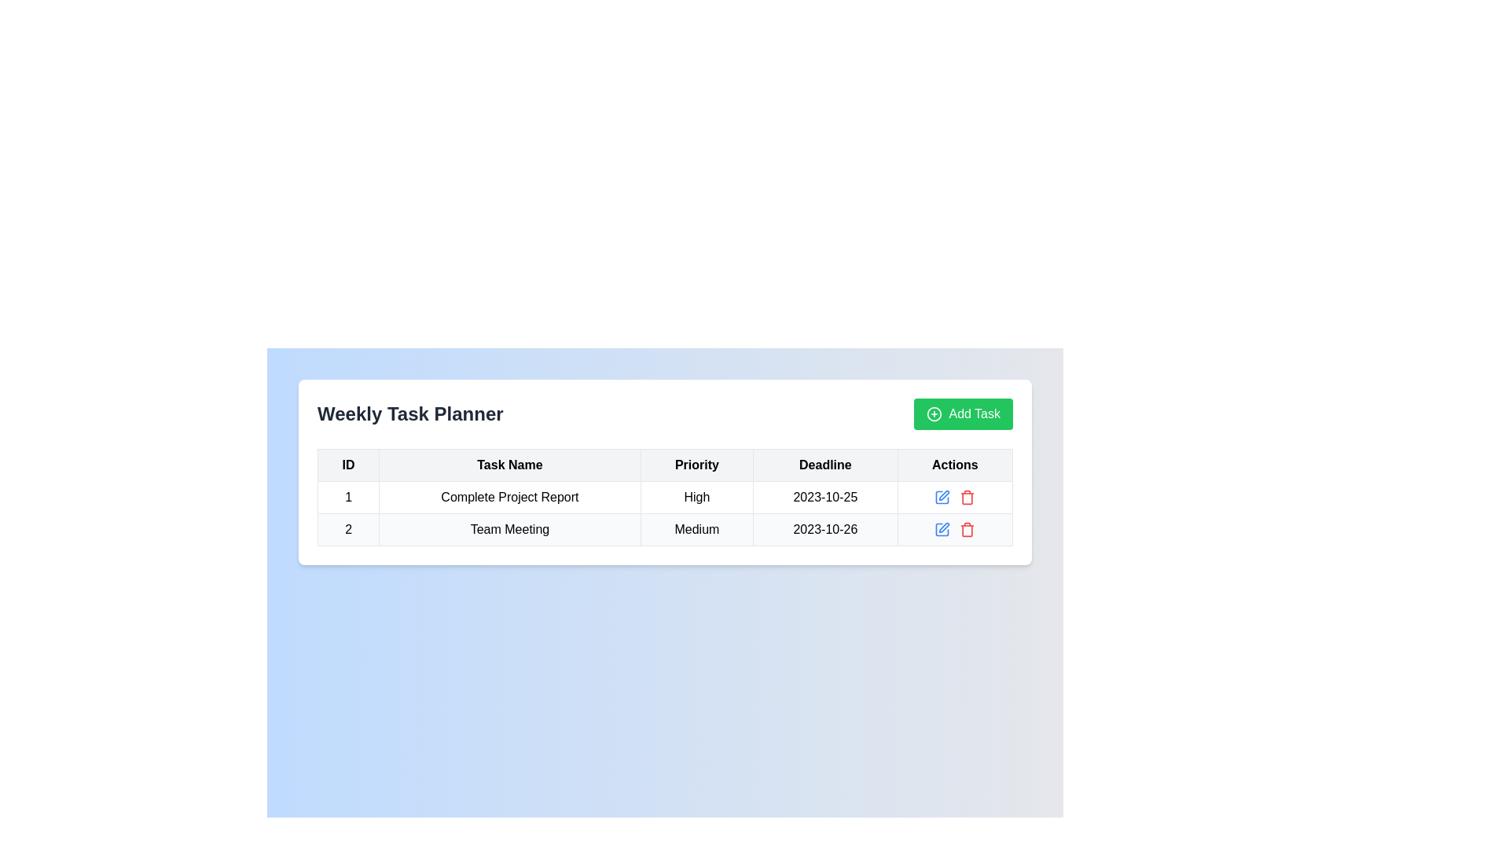 The width and height of the screenshot is (1509, 849). Describe the element at coordinates (942, 497) in the screenshot. I see `the square outline of the SVG icon located in the 'Actions' column of row labeled '1' to interact with the composite icon` at that location.